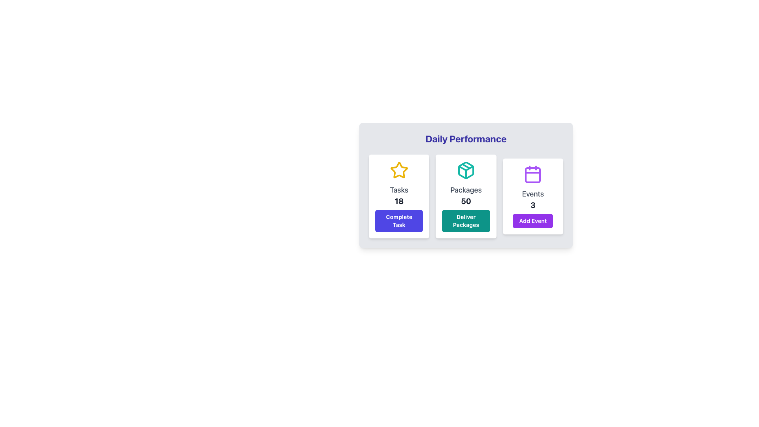  What do you see at coordinates (466, 201) in the screenshot?
I see `the numeral text display element showing the value '50', which is prominently styled in bold font within the 'Packages' card` at bounding box center [466, 201].